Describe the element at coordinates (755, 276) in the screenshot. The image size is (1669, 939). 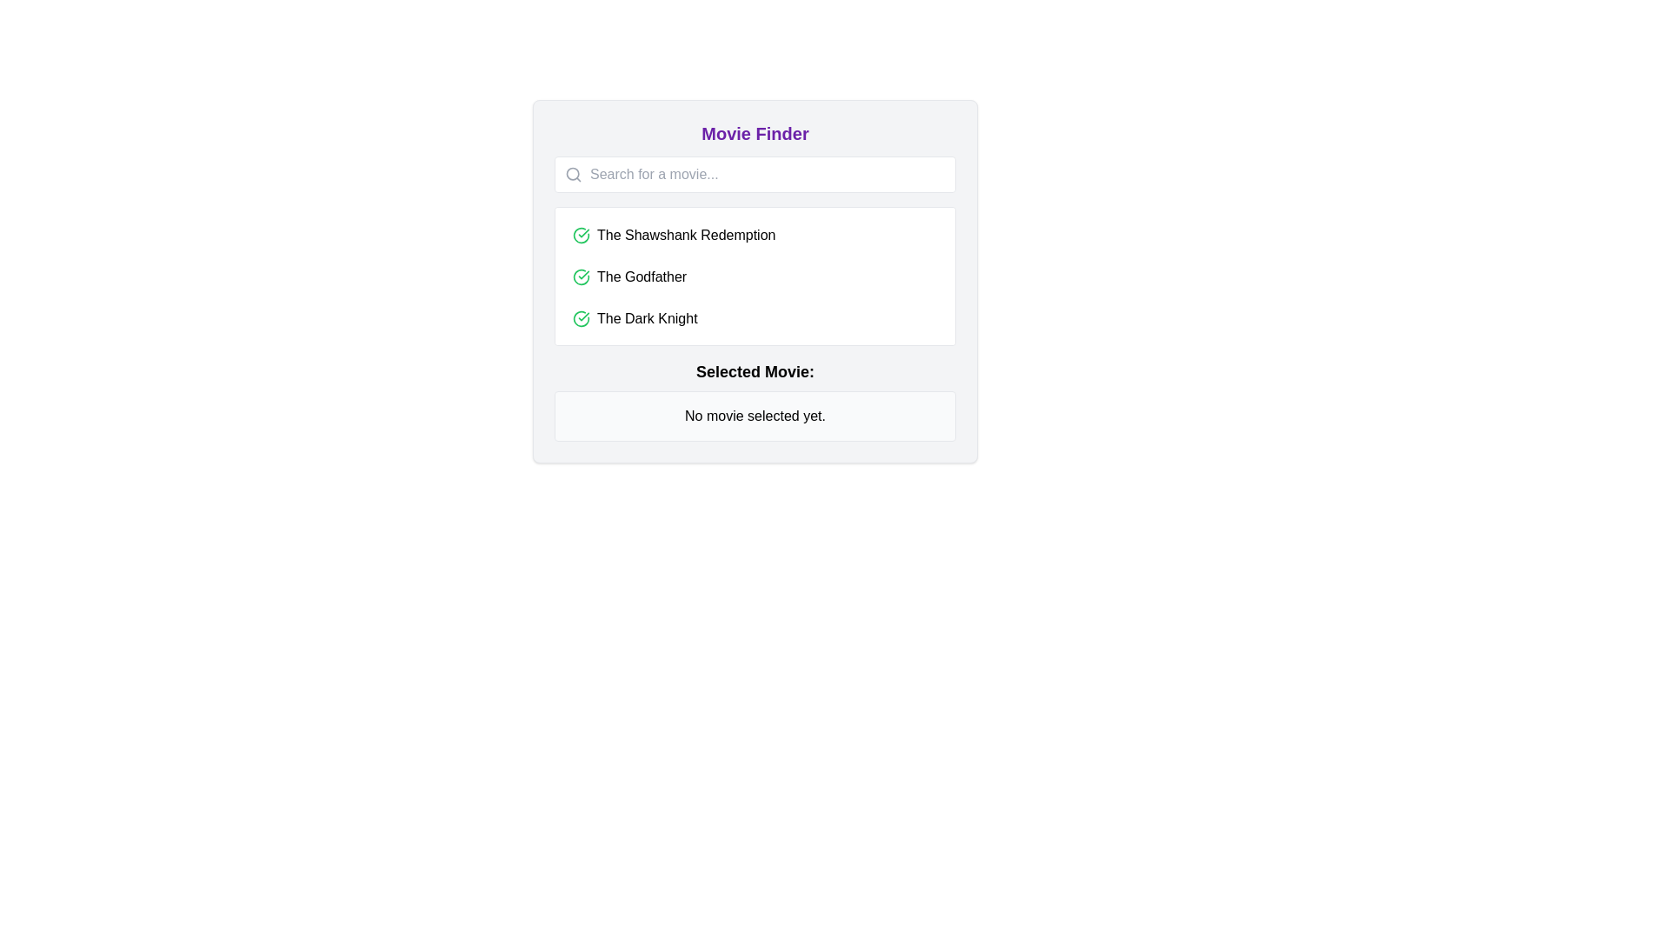
I see `the second list item` at that location.